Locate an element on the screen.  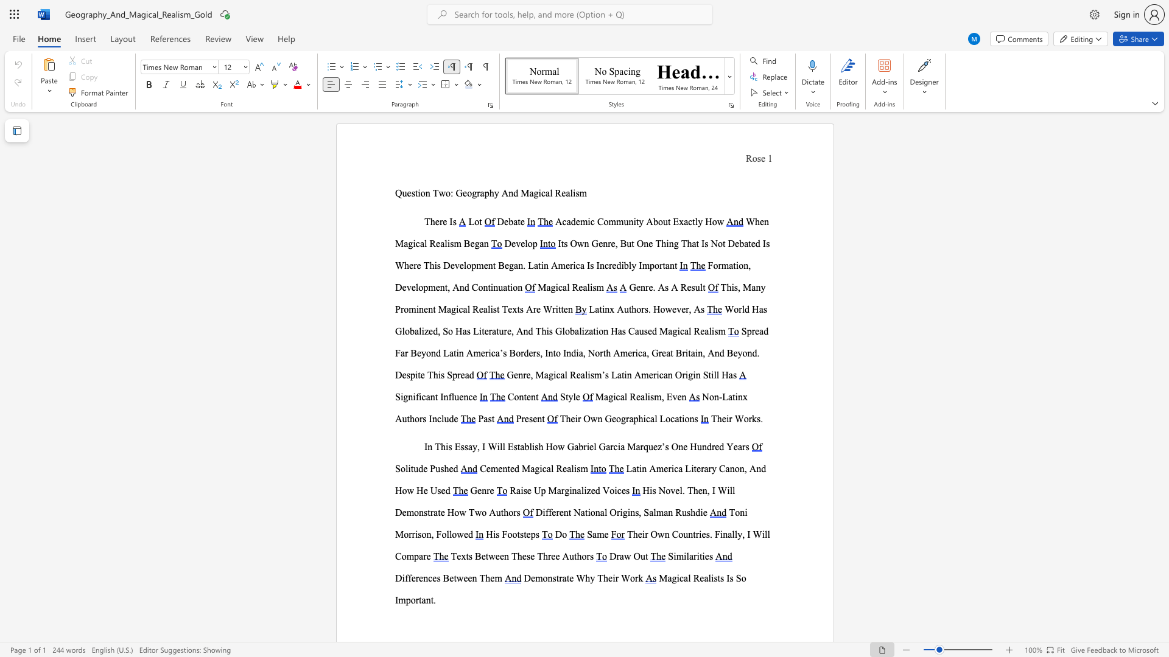
the subset text "nf" within the text "Significant Influence" is located at coordinates (443, 397).